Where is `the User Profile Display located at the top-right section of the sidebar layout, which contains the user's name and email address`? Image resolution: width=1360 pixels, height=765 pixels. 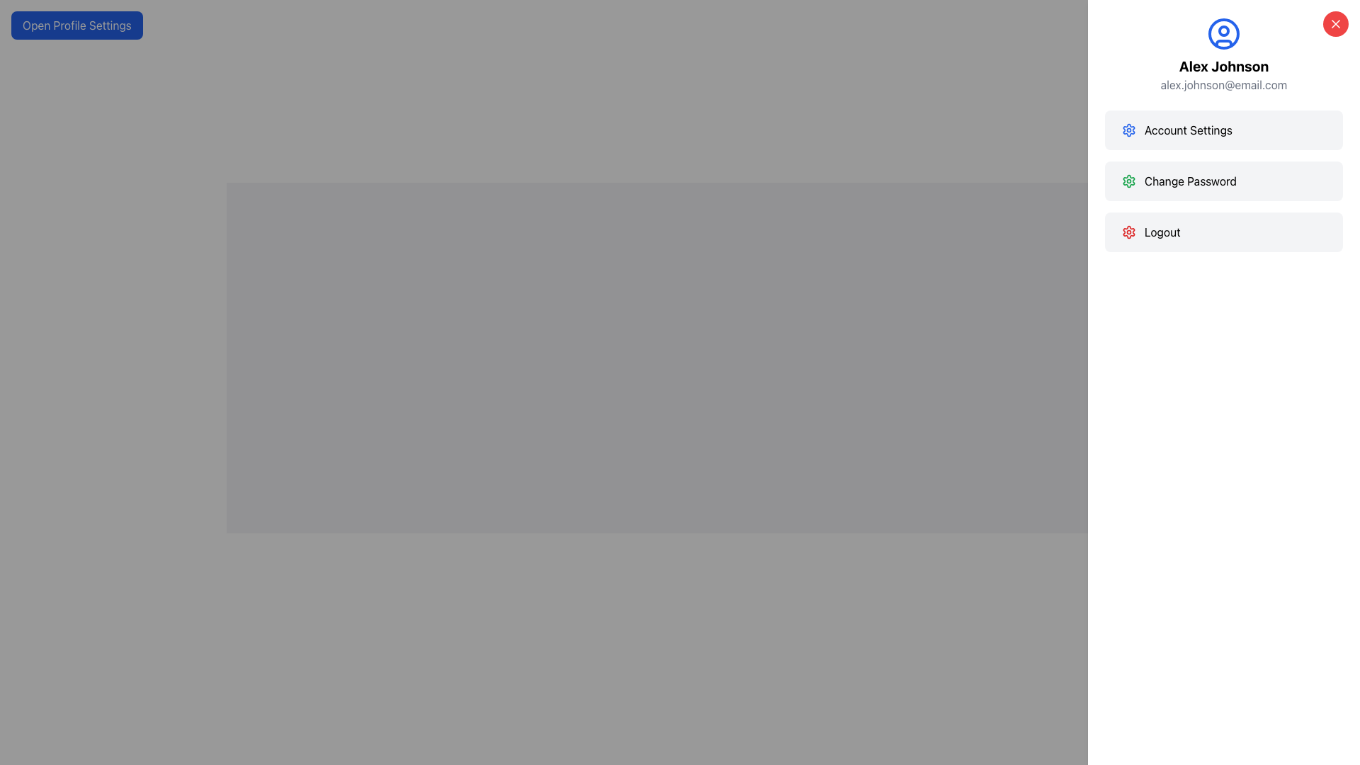 the User Profile Display located at the top-right section of the sidebar layout, which contains the user's name and email address is located at coordinates (1223, 54).